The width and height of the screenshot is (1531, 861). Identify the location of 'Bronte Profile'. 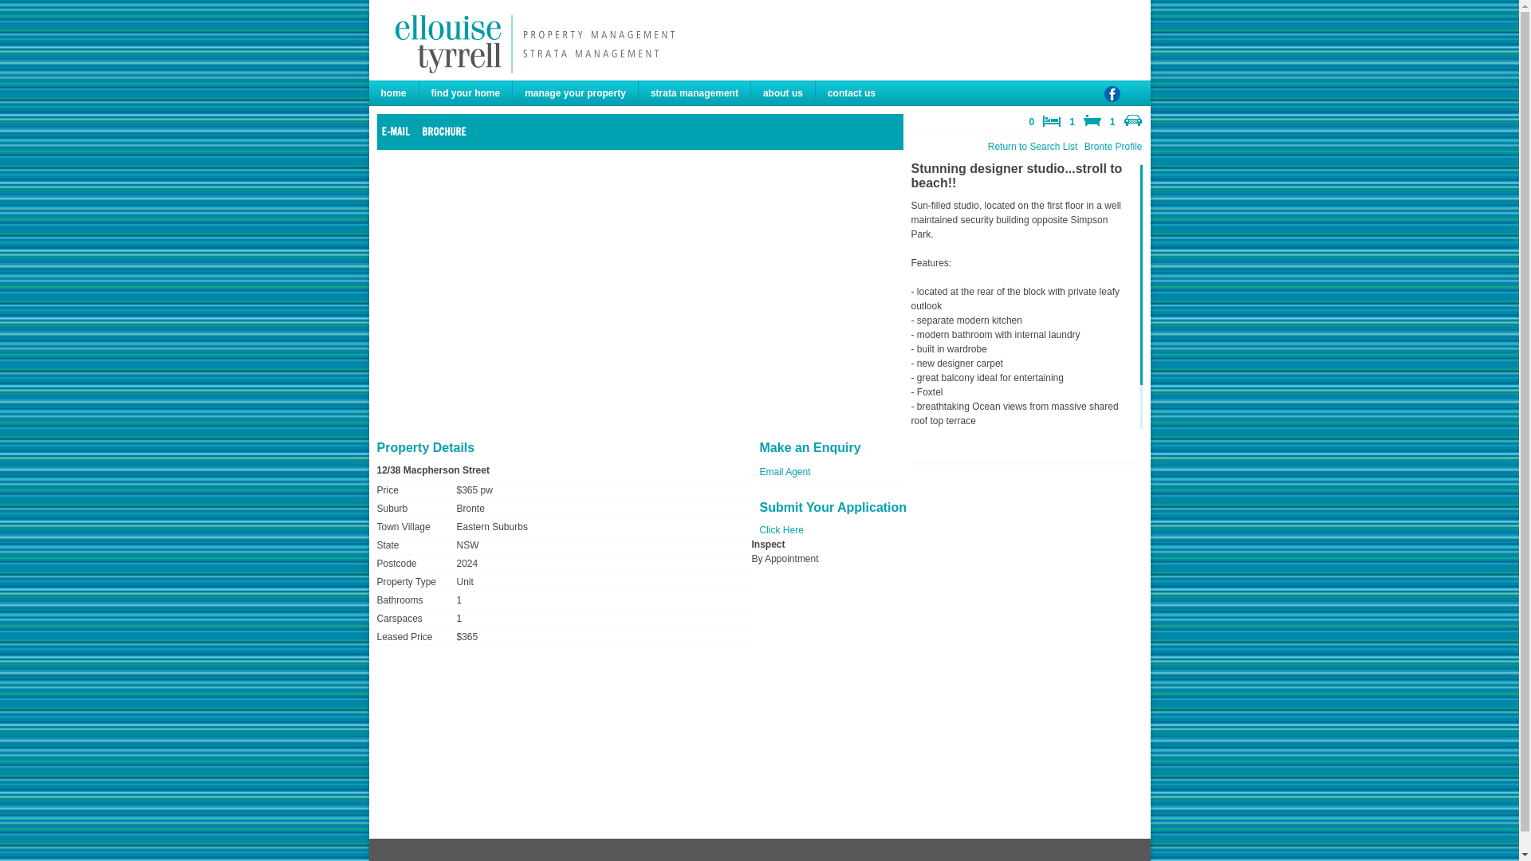
(1112, 147).